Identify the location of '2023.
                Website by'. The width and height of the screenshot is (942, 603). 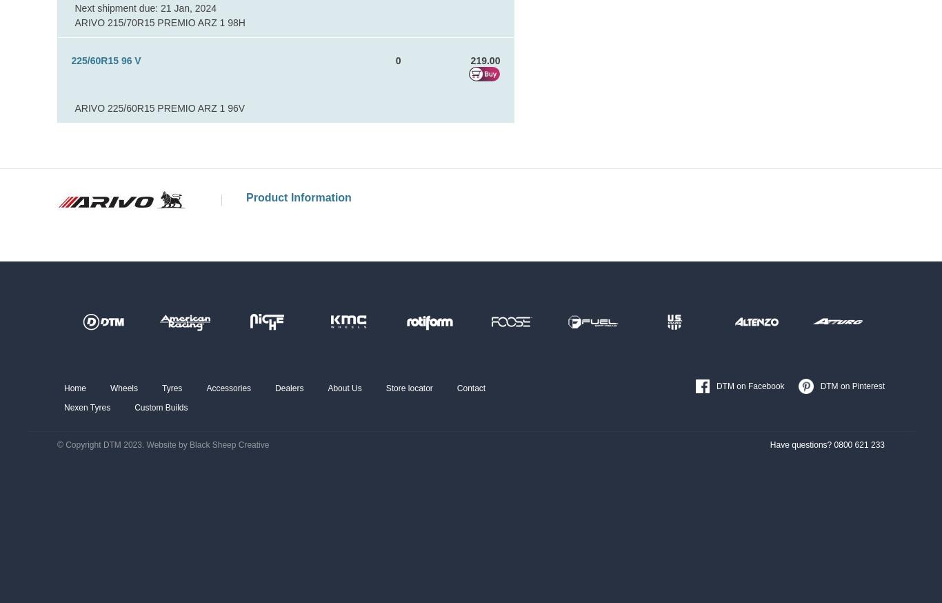
(154, 444).